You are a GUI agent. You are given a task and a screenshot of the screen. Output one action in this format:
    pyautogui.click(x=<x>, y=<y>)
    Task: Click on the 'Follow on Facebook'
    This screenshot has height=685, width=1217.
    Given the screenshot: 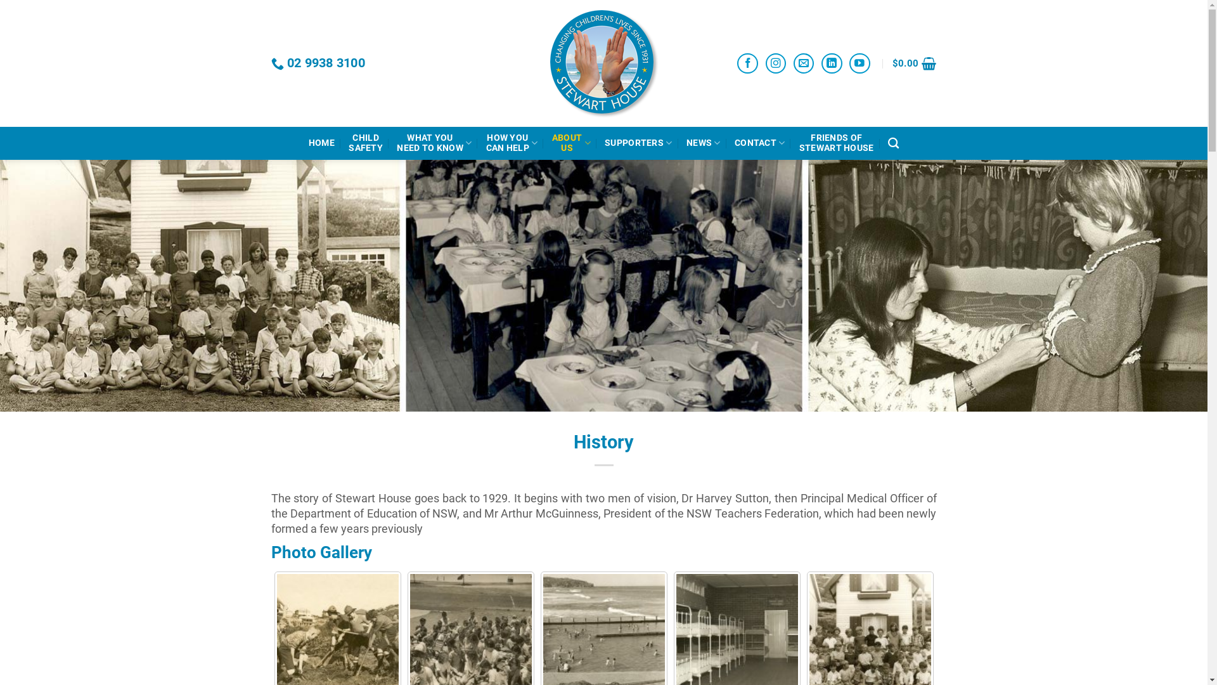 What is the action you would take?
    pyautogui.click(x=747, y=63)
    